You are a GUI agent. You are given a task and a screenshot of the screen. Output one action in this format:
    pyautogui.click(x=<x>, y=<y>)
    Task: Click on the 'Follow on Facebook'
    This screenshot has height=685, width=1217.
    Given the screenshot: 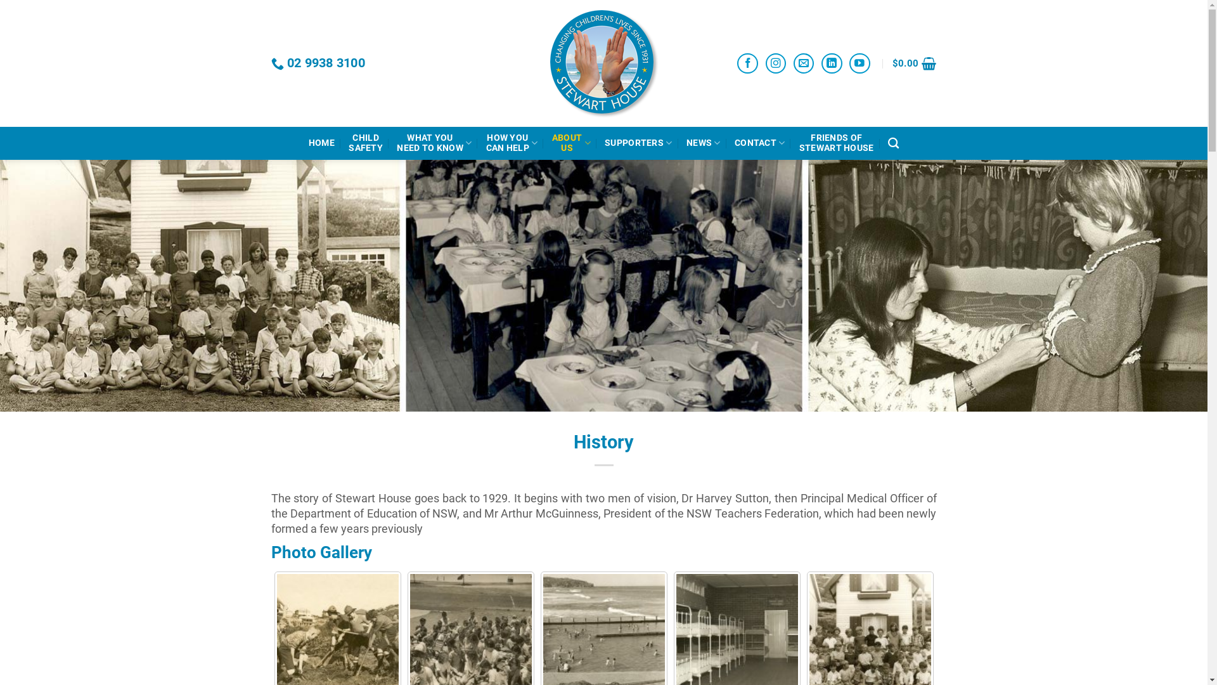 What is the action you would take?
    pyautogui.click(x=747, y=63)
    